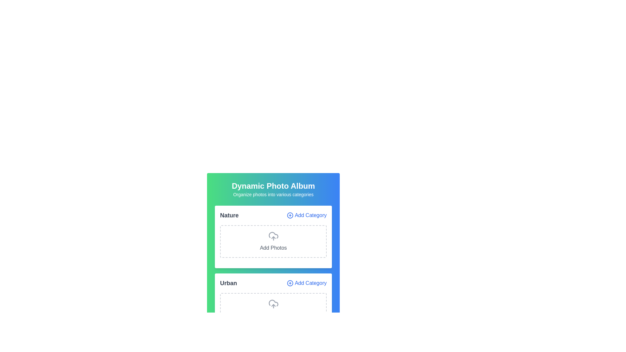 This screenshot has height=352, width=626. What do you see at coordinates (306, 283) in the screenshot?
I see `the button with an icon and text located at the bottom-right corner of the 'Urban' section` at bounding box center [306, 283].